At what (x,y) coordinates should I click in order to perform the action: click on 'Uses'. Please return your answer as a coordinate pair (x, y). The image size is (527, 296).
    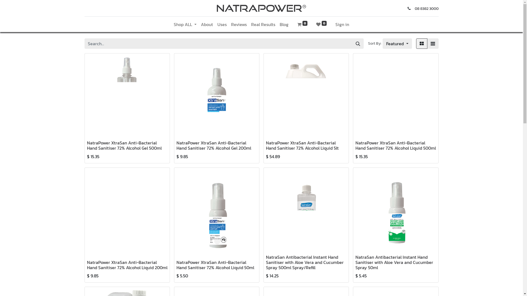
    Looking at the image, I should click on (222, 24).